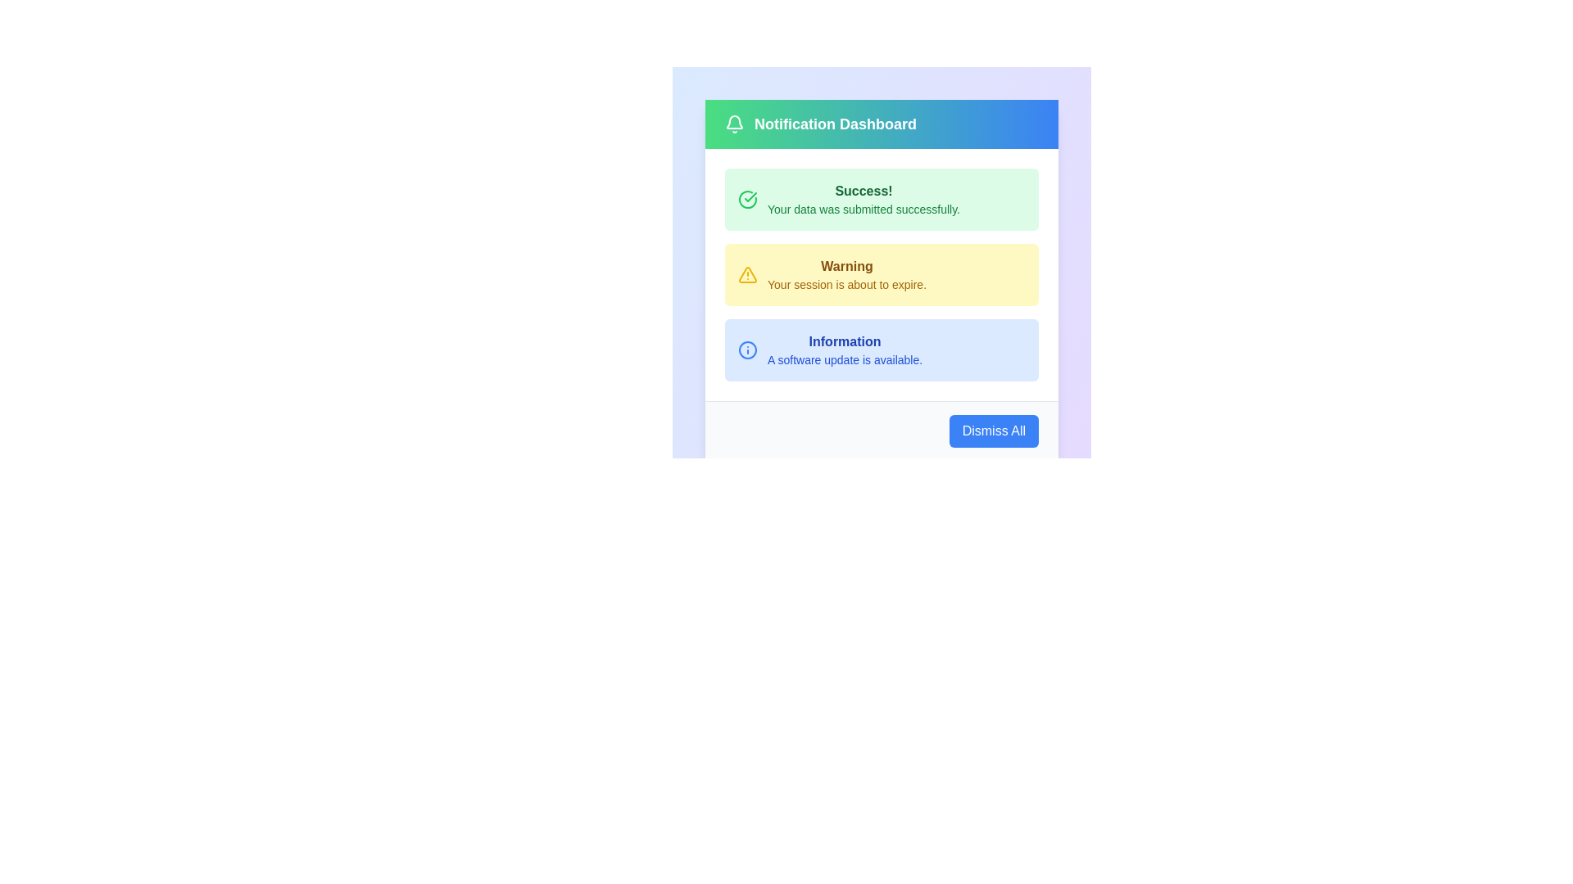 This screenshot has height=884, width=1573. Describe the element at coordinates (881, 123) in the screenshot. I see `header section of the Notification Dashboard, which features a gradient background from green to blue and includes a bell icon next to bold white text` at that location.